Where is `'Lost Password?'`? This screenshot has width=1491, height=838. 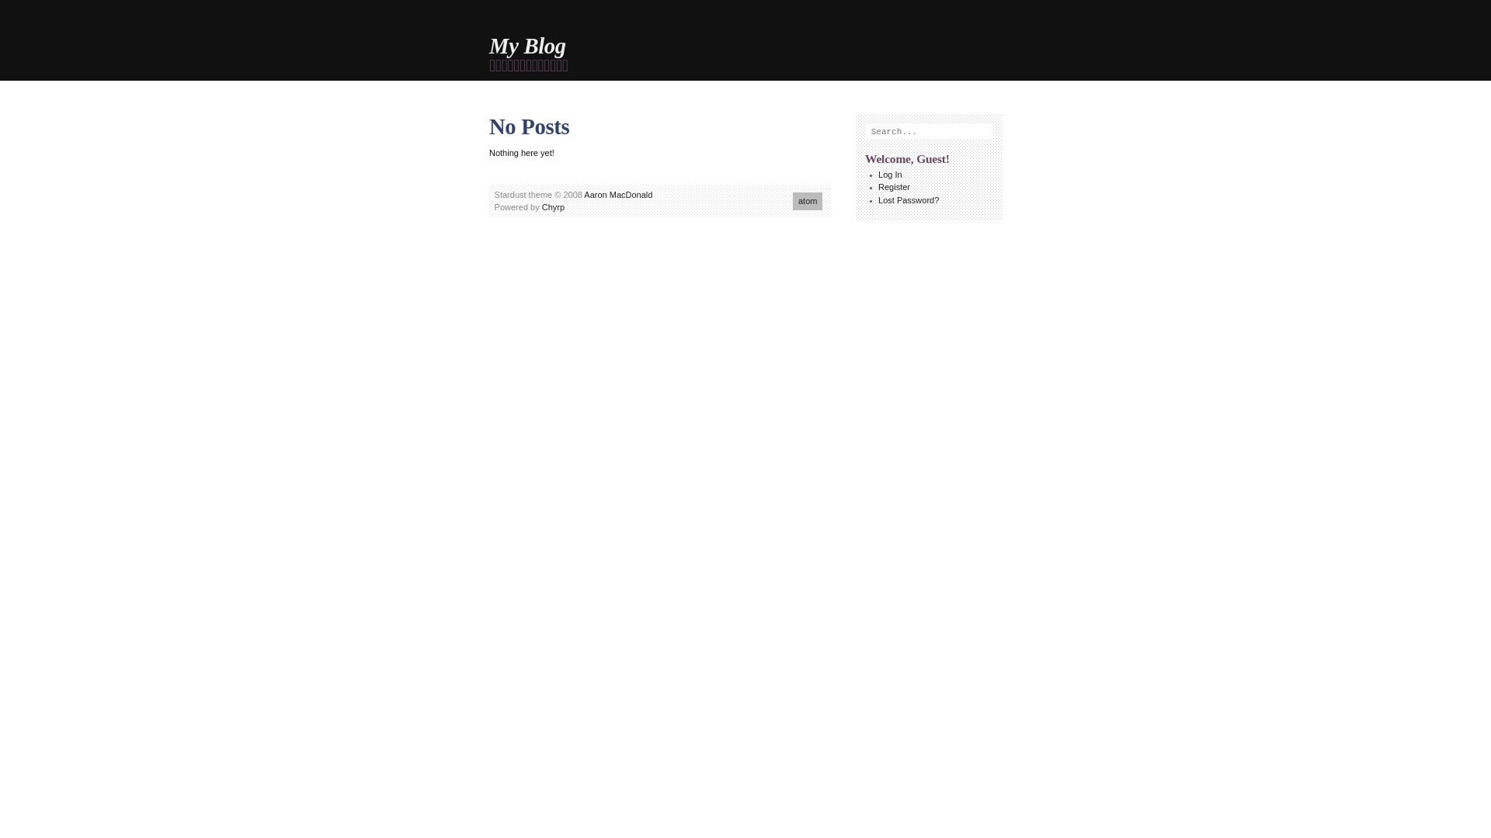
'Lost Password?' is located at coordinates (909, 199).